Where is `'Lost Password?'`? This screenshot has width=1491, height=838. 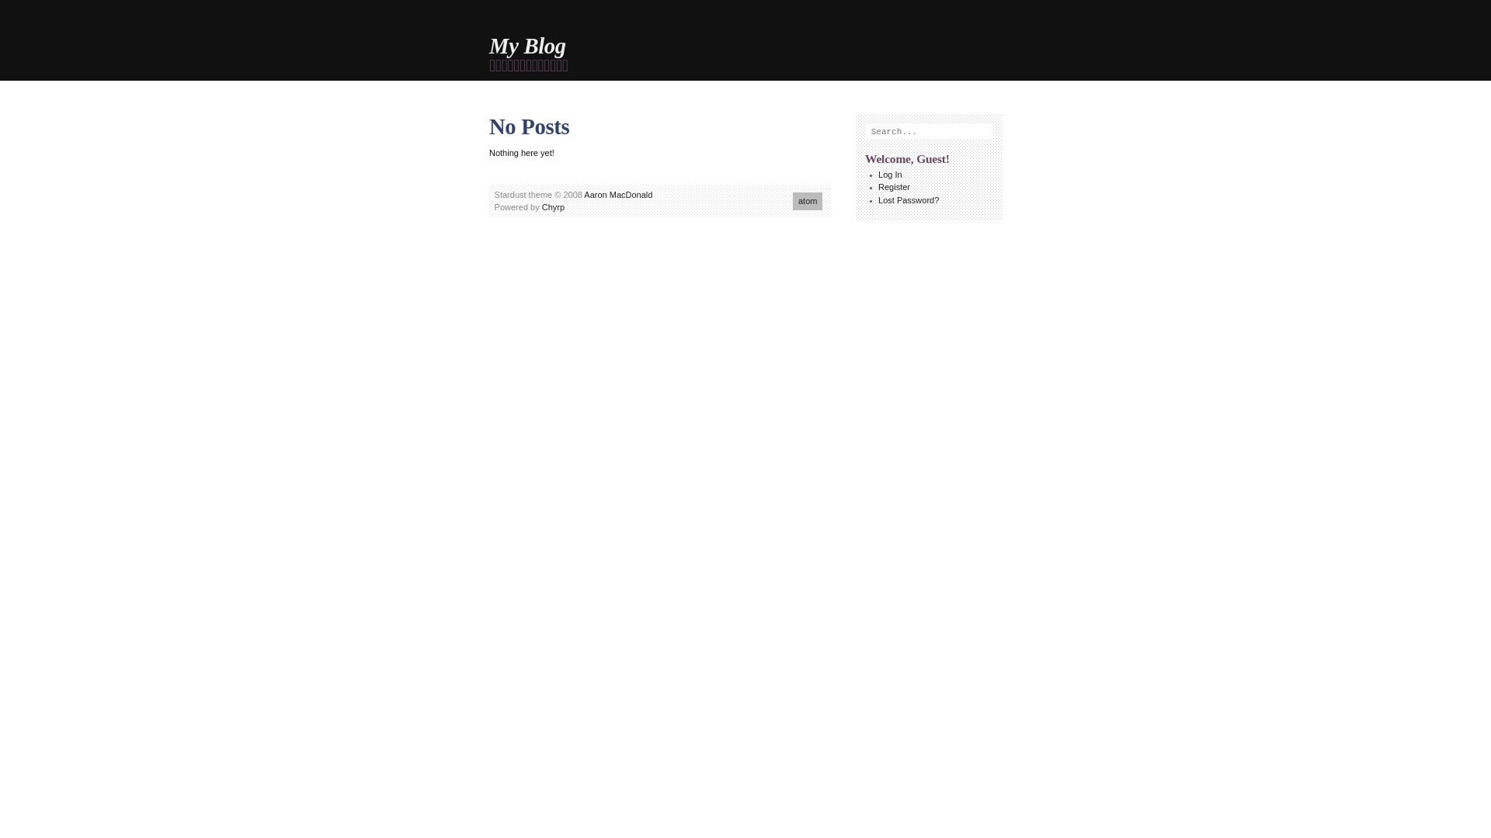
'Lost Password?' is located at coordinates (909, 199).